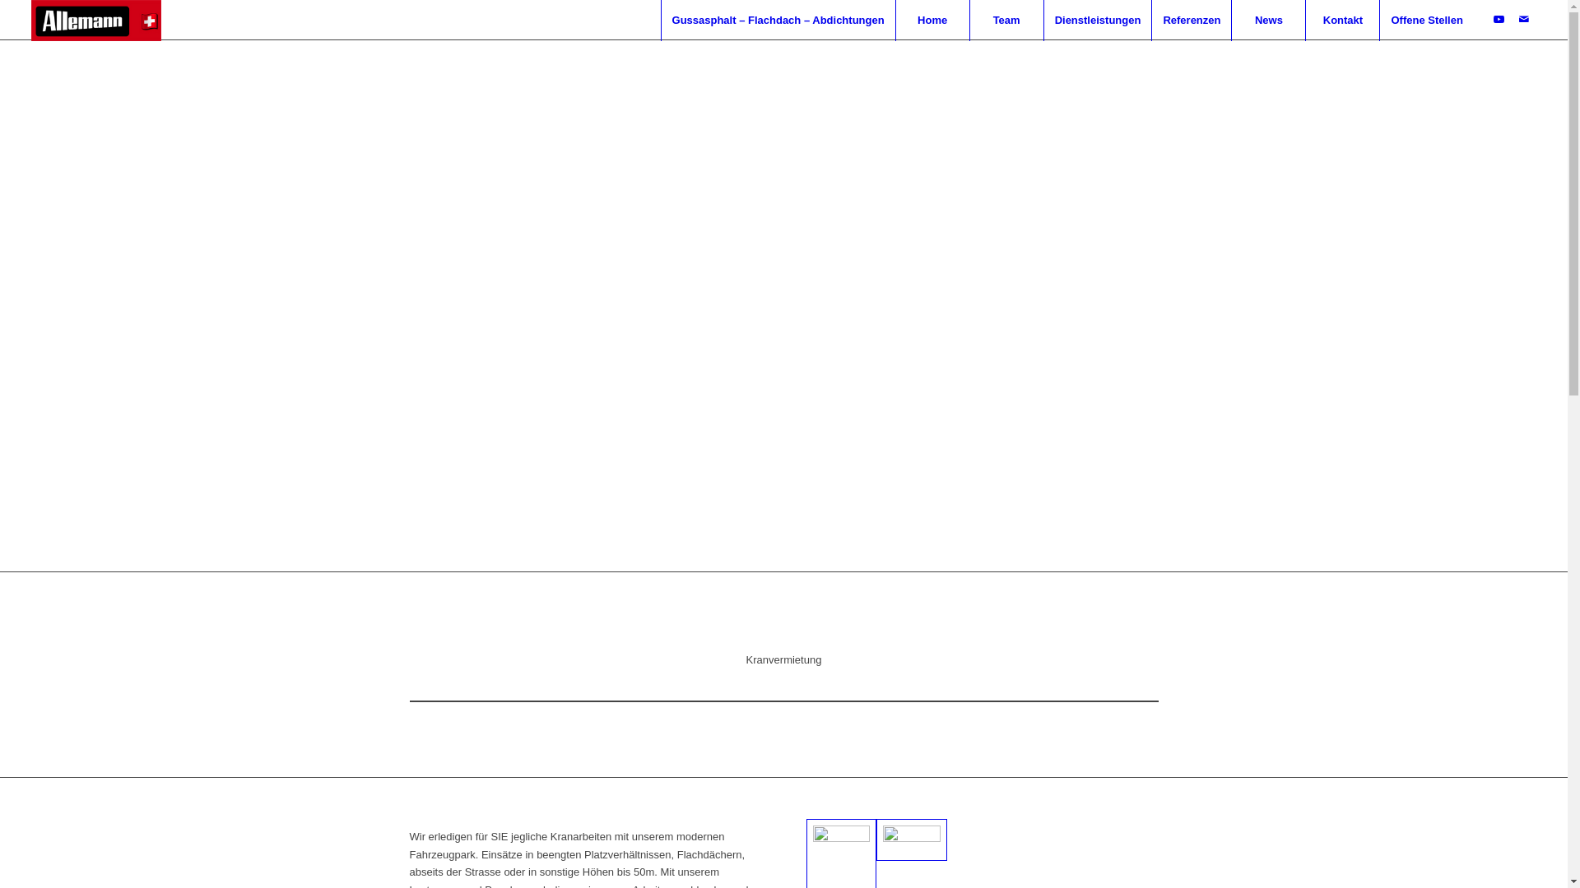 Image resolution: width=1580 pixels, height=888 pixels. What do you see at coordinates (95, 20) in the screenshot?
I see `'Allemann-AG-Logo'` at bounding box center [95, 20].